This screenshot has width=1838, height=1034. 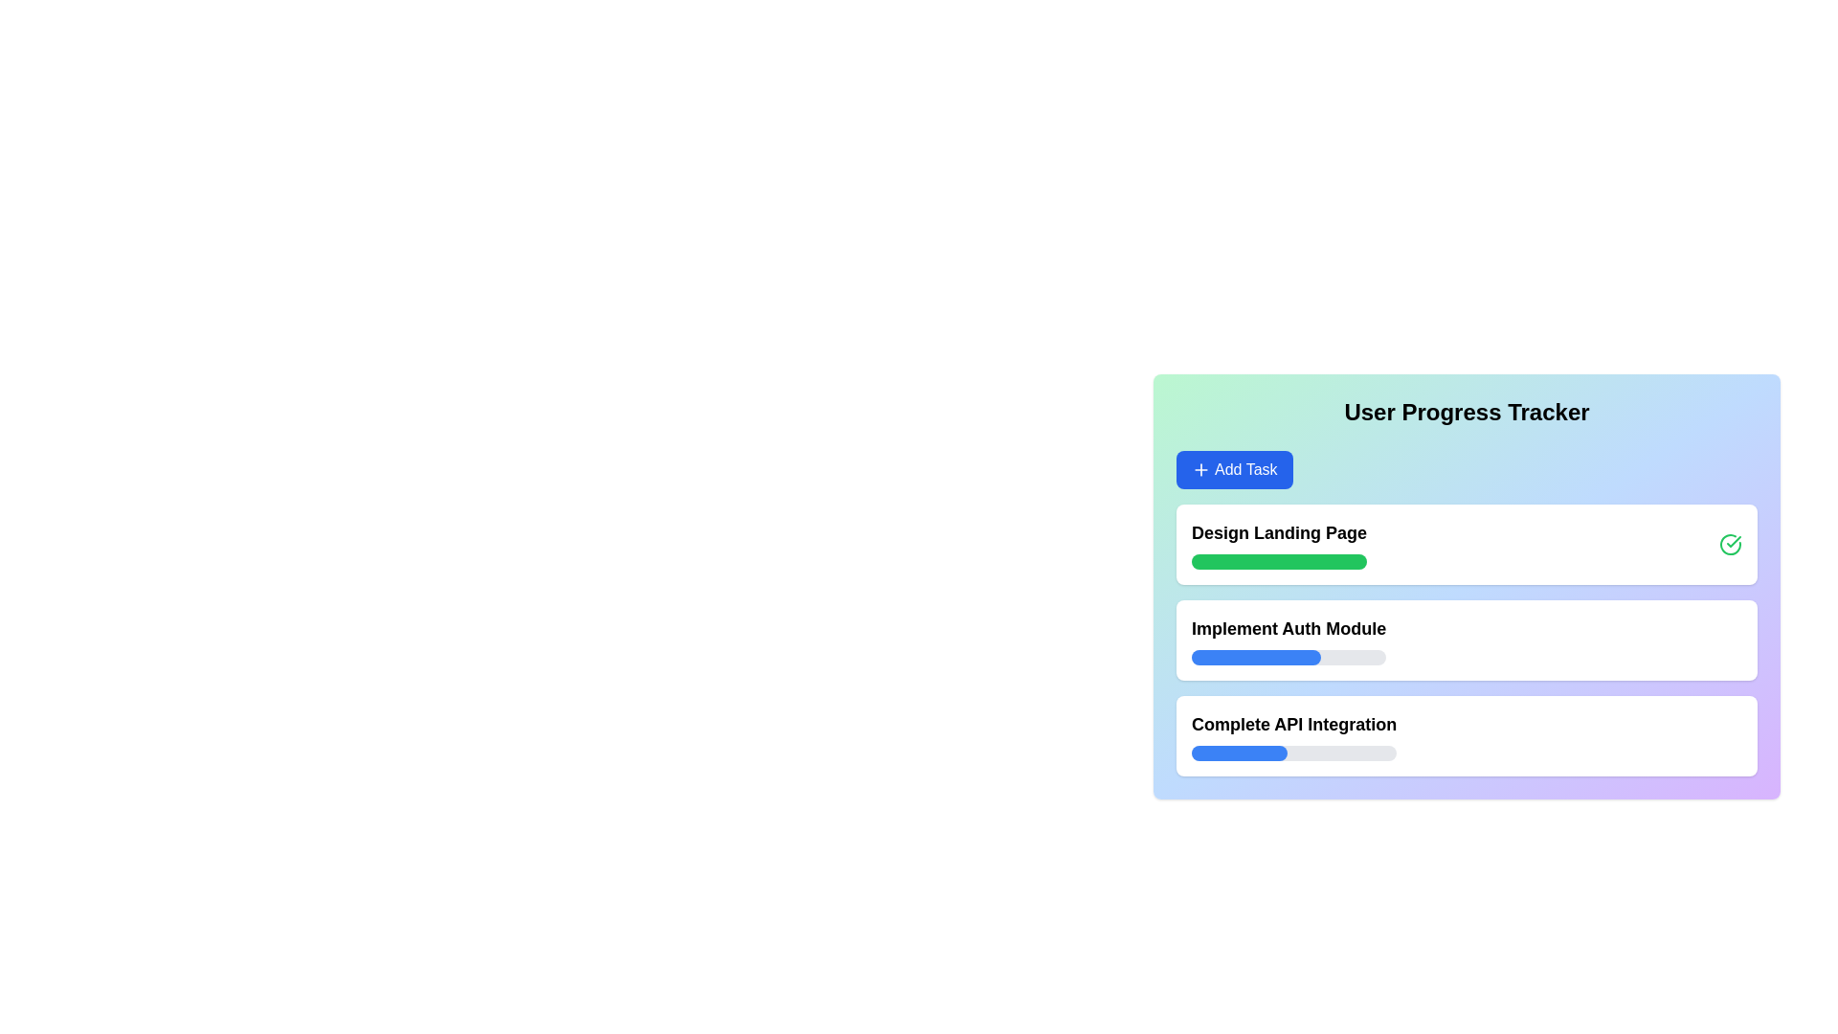 What do you see at coordinates (1276, 560) in the screenshot?
I see `the blue-filled progress bar indicator located below the label 'Design Landing Page' and above the 'Implement Auth Module' progress bar` at bounding box center [1276, 560].